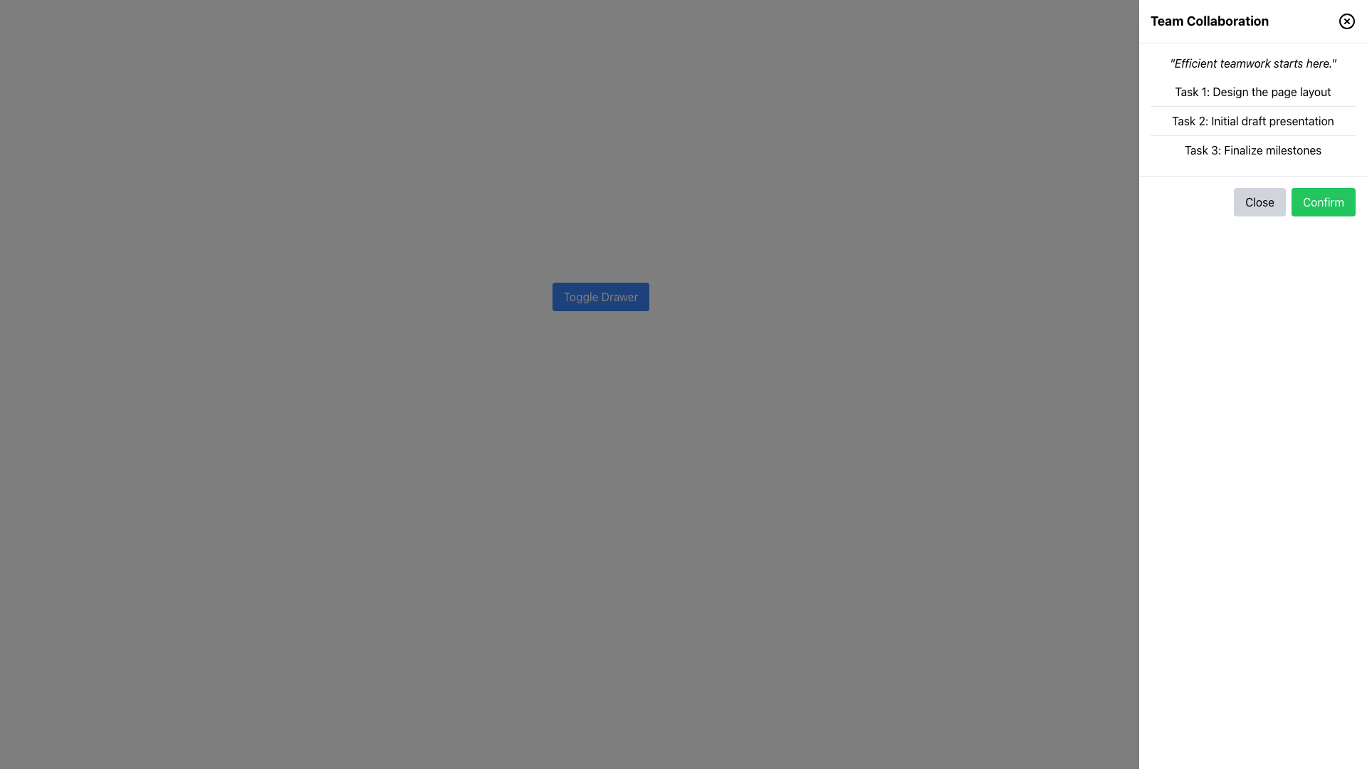  Describe the element at coordinates (1253, 62) in the screenshot. I see `the introductory italicized text in the 'Team Collaboration' pane, which provides a motivational statement` at that location.